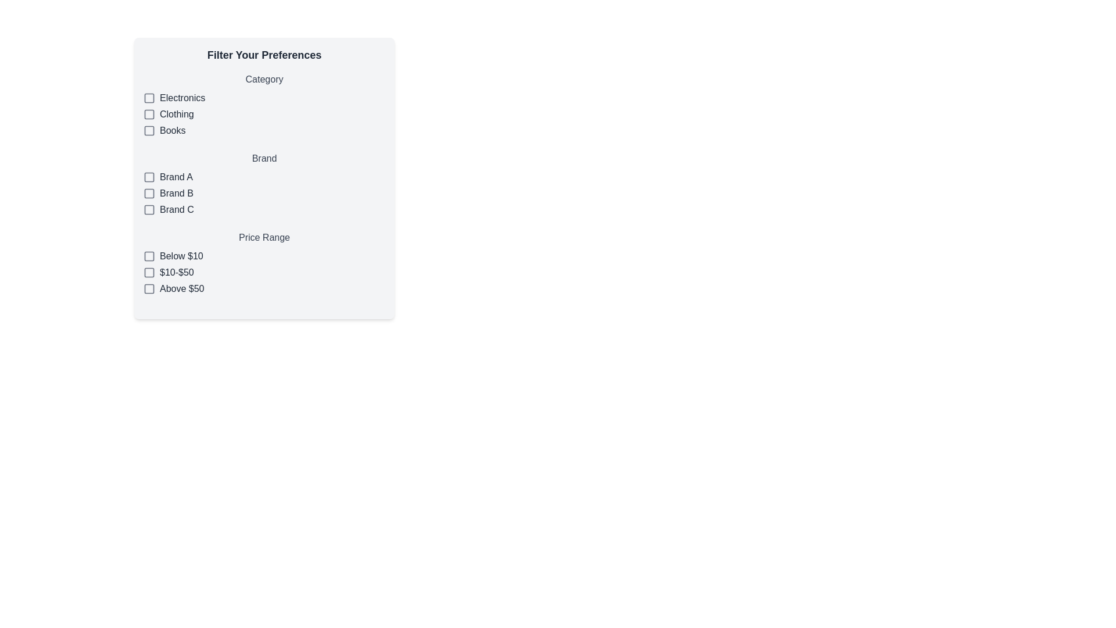 This screenshot has height=628, width=1116. What do you see at coordinates (149, 192) in the screenshot?
I see `the checkbox for 'Brand B' located next to its label in the 'Filter Your Preferences' section` at bounding box center [149, 192].